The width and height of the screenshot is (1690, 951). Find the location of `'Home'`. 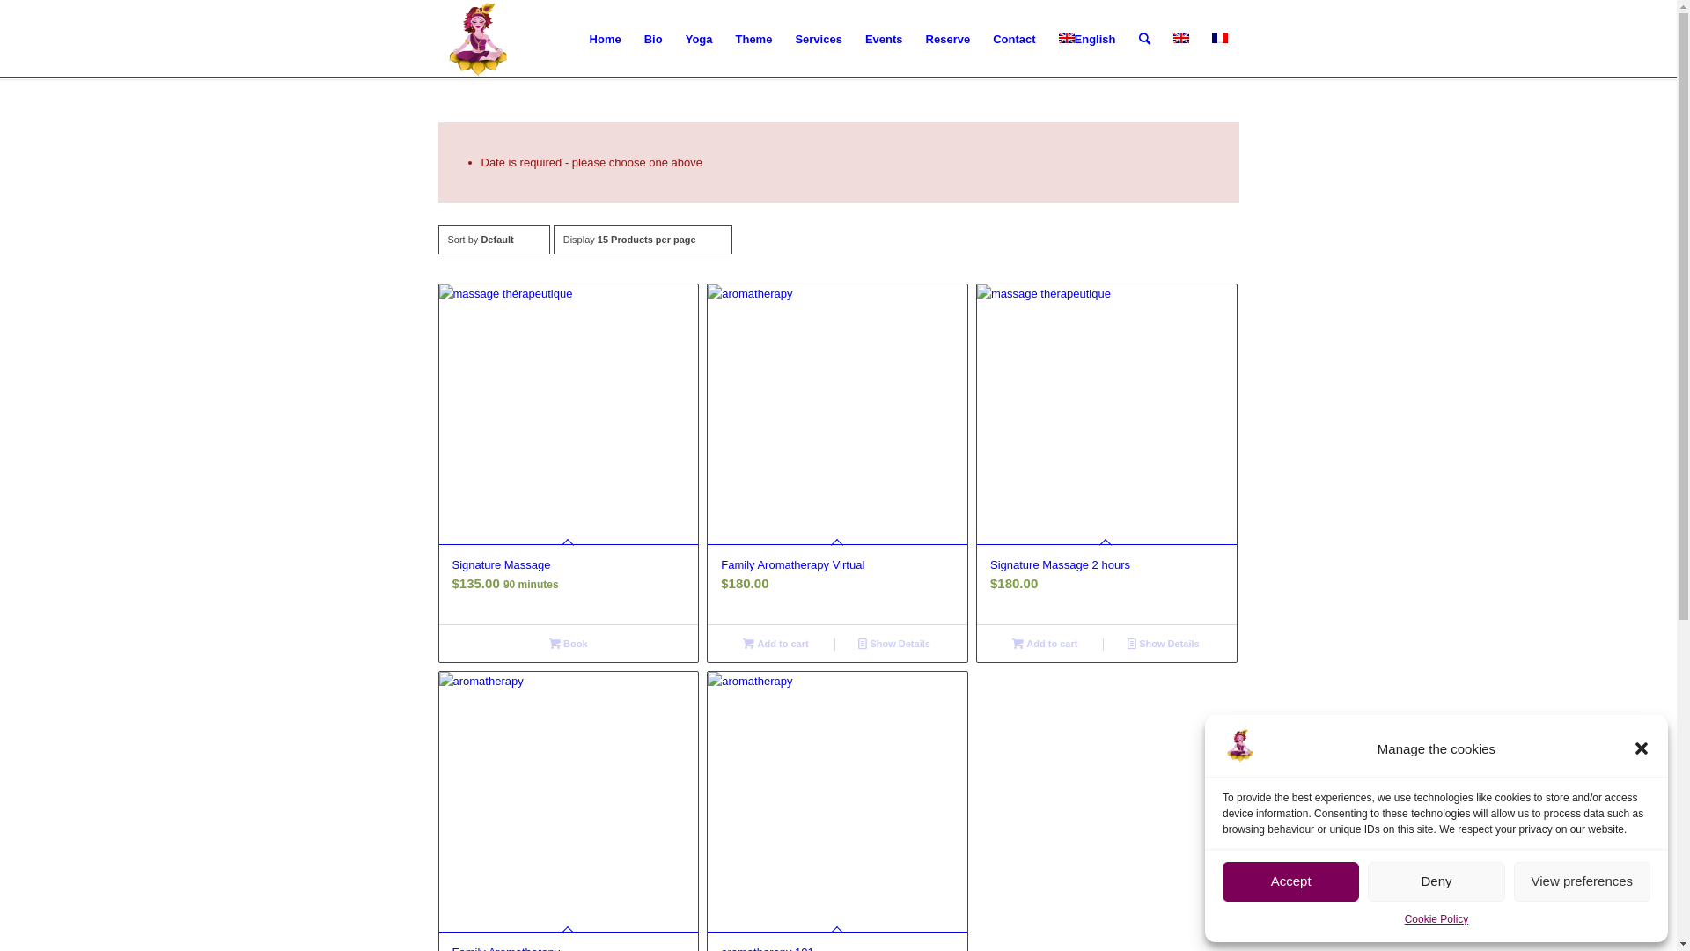

'Home' is located at coordinates (605, 40).